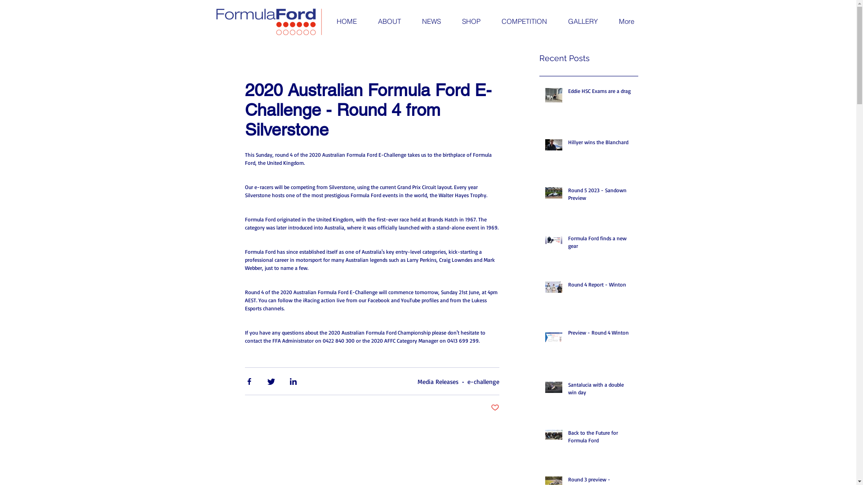  I want to click on 'Hillyer wins the Blanchard', so click(600, 144).